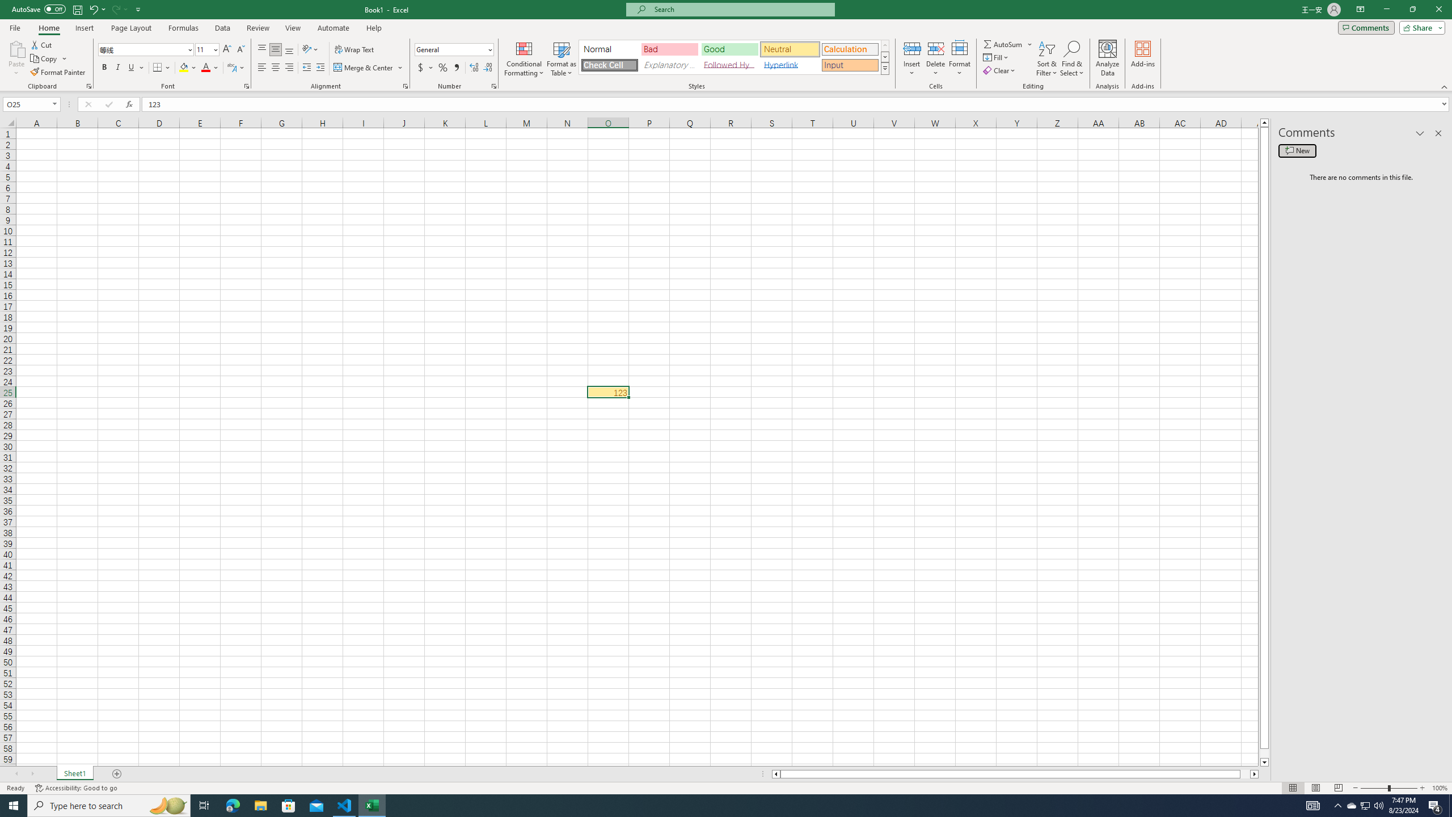 The image size is (1452, 817). What do you see at coordinates (117, 67) in the screenshot?
I see `'Italic'` at bounding box center [117, 67].